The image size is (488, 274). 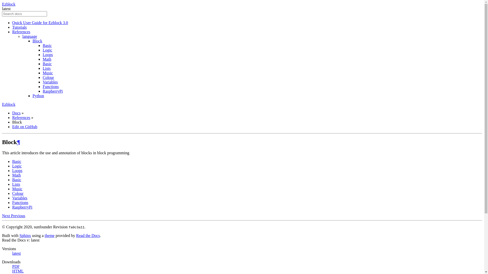 I want to click on 'Block', so click(x=37, y=41).